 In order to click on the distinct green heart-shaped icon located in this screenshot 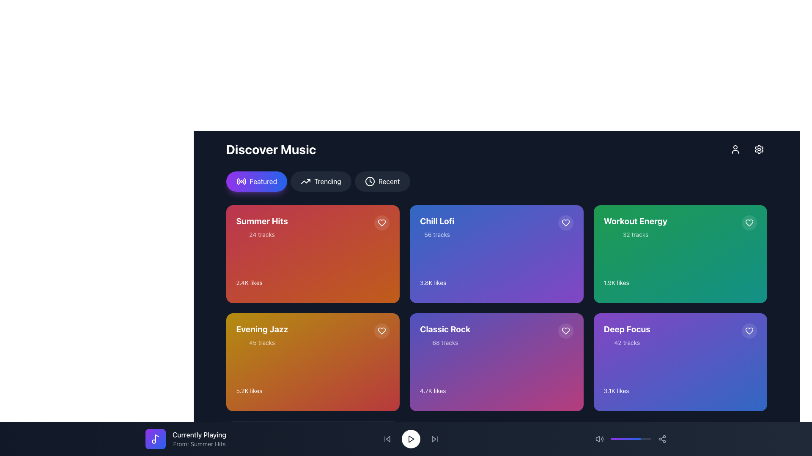, I will do `click(749, 223)`.